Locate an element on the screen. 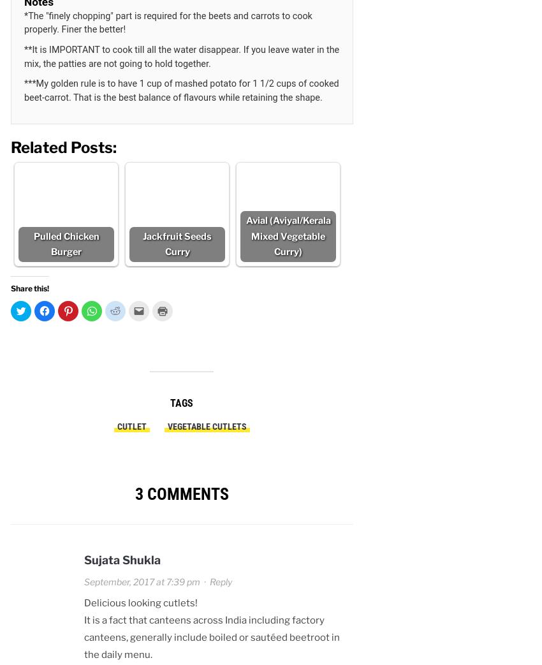 Image resolution: width=542 pixels, height=665 pixels. 'Pulled Chicken Burger' is located at coordinates (33, 244).